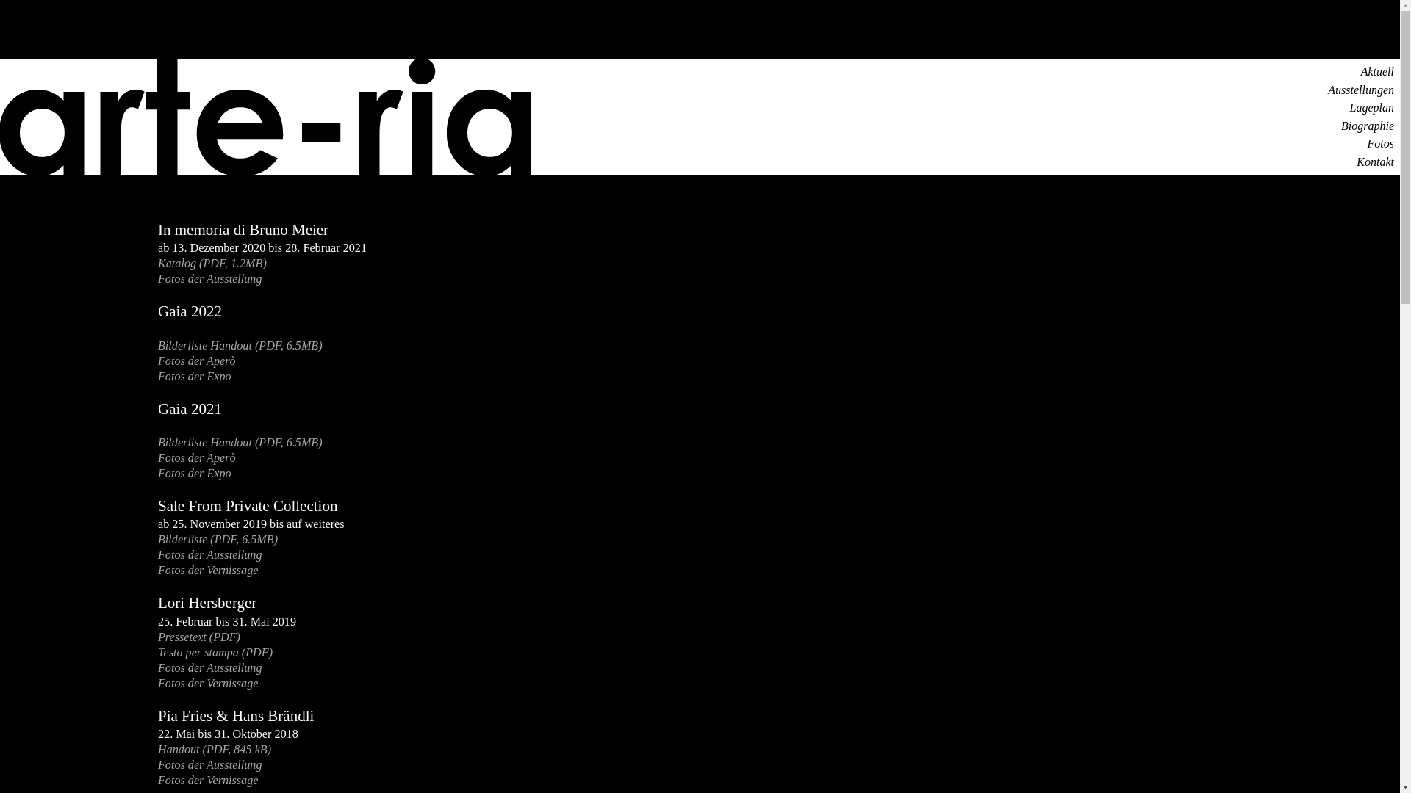 This screenshot has height=793, width=1411. I want to click on 'Fotos der Expo', so click(158, 473).